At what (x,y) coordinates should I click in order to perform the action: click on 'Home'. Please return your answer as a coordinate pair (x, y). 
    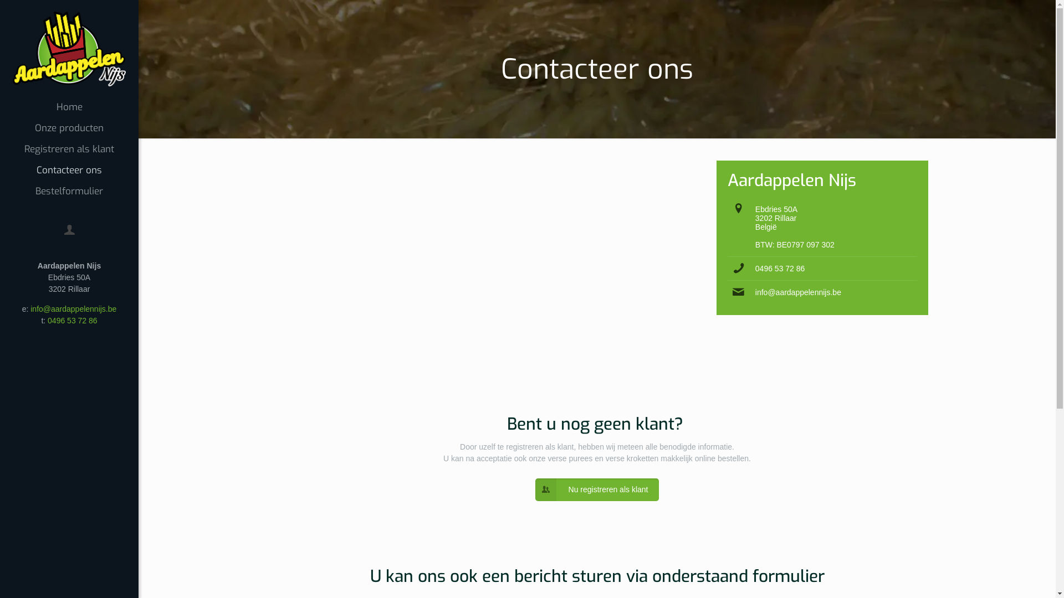
    Looking at the image, I should click on (68, 107).